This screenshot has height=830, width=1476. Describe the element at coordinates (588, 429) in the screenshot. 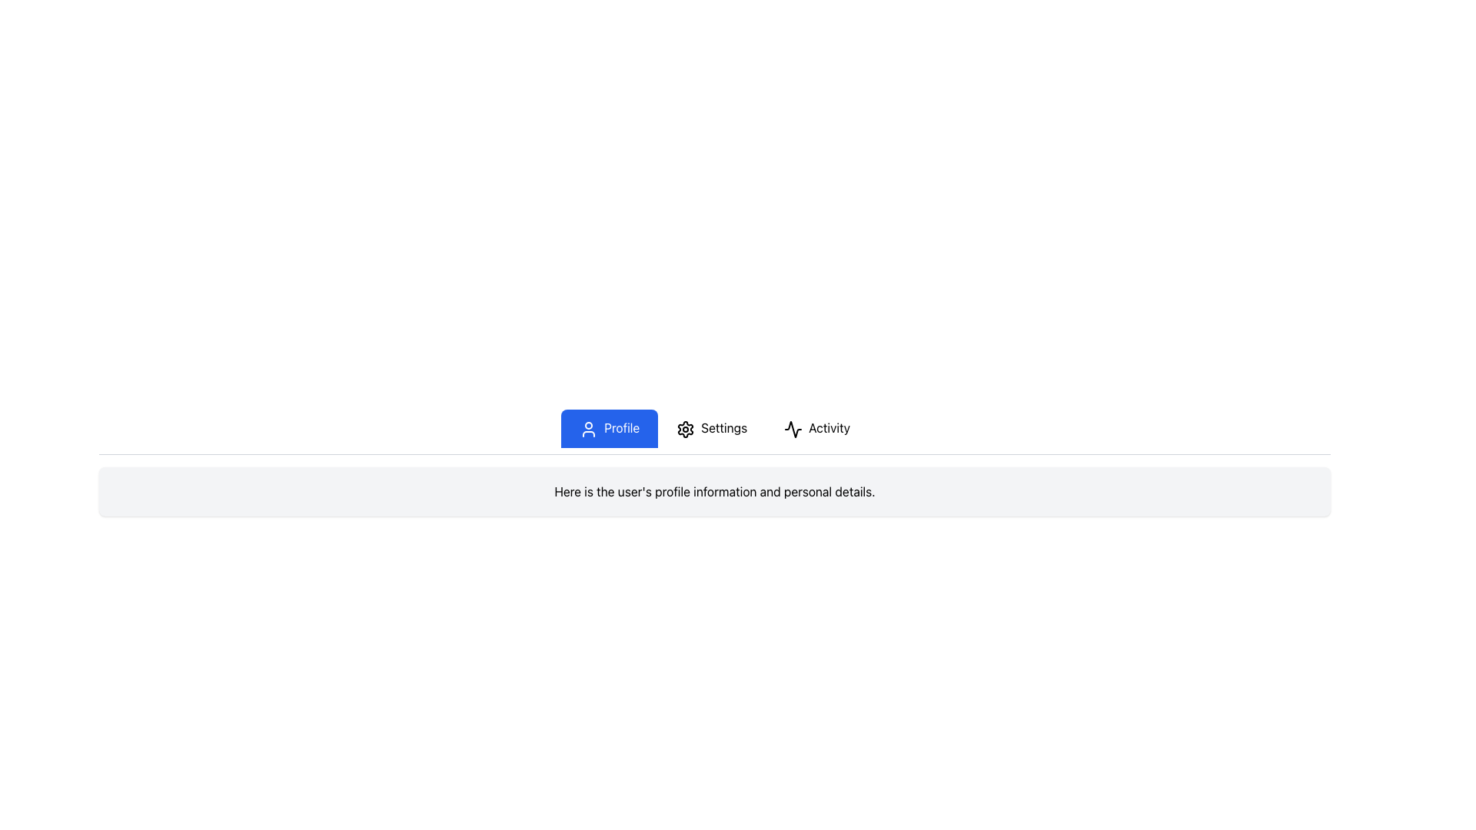

I see `the 'Profile' tab icon located at the left end of the tab navigation bar` at that location.